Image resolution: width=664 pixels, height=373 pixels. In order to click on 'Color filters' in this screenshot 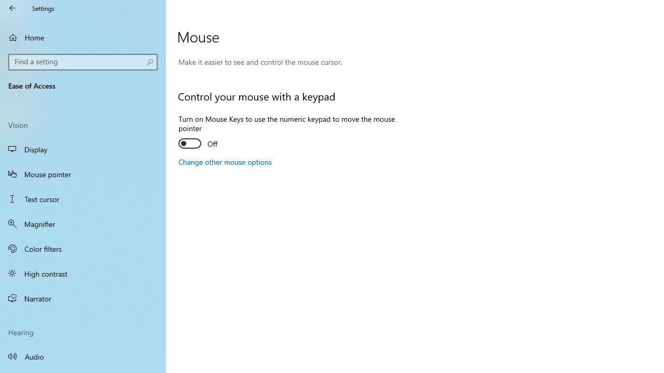, I will do `click(83, 248)`.